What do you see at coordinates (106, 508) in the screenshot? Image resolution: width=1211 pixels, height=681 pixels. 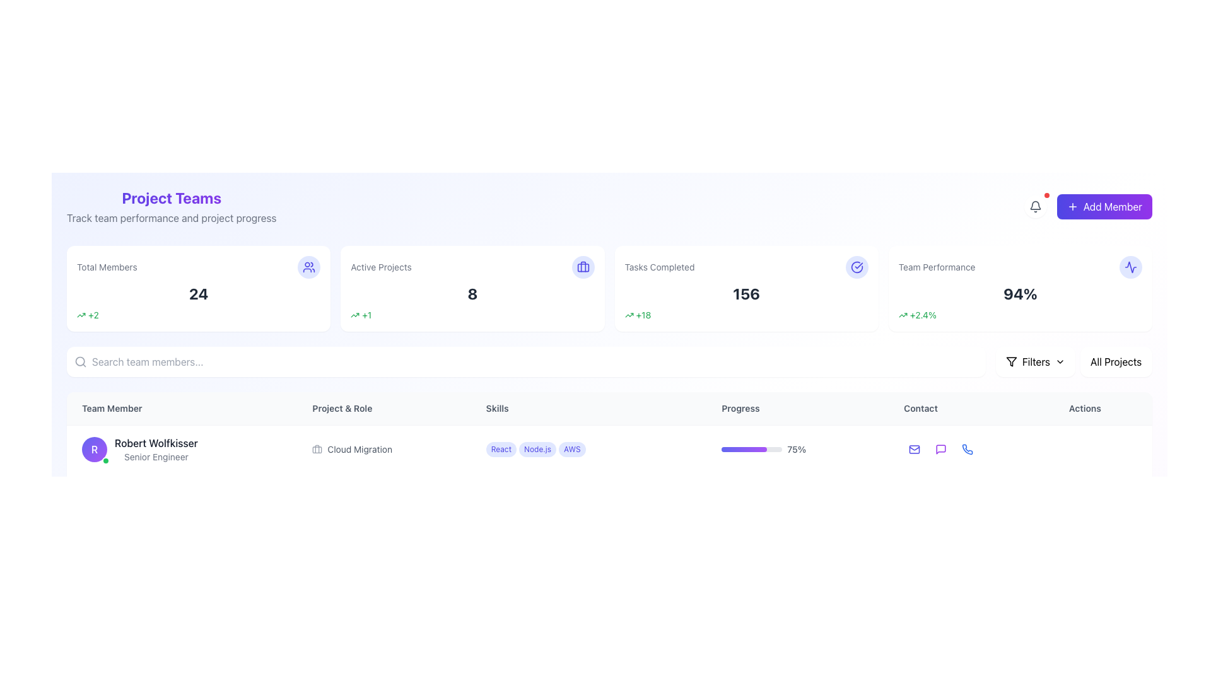 I see `the status indication of the Circular status indicator located at the lower-right corner of the profile icon displaying the letter 'J' in the team members' section` at bounding box center [106, 508].